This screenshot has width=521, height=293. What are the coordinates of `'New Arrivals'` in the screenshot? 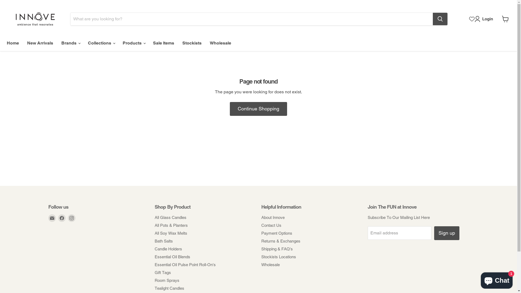 It's located at (23, 43).